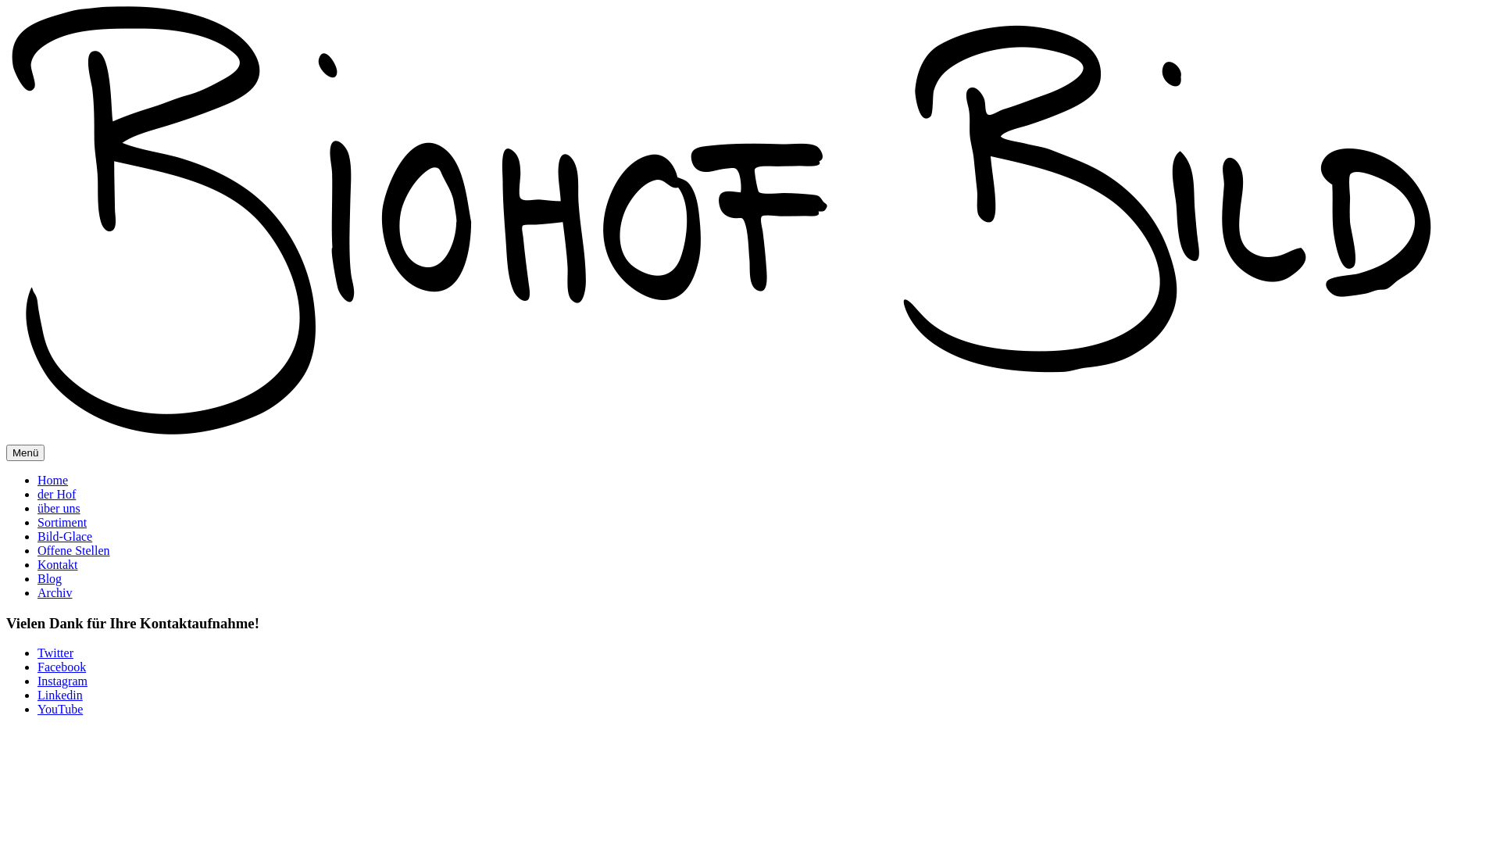  Describe the element at coordinates (37, 479) in the screenshot. I see `'Home'` at that location.